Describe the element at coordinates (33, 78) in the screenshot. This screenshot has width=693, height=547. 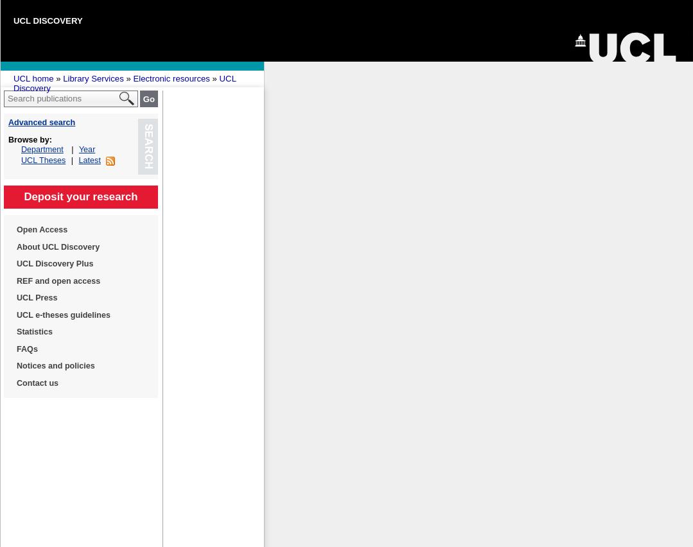
I see `'UCL home'` at that location.